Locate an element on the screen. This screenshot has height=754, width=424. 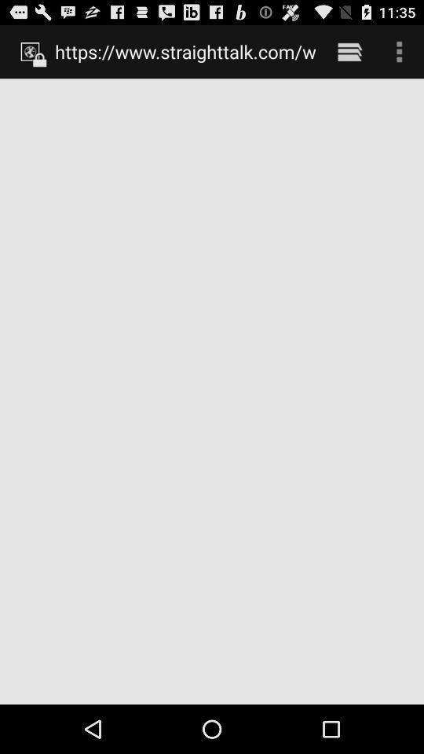
the item to the right of https www straighttalk icon is located at coordinates (349, 51).